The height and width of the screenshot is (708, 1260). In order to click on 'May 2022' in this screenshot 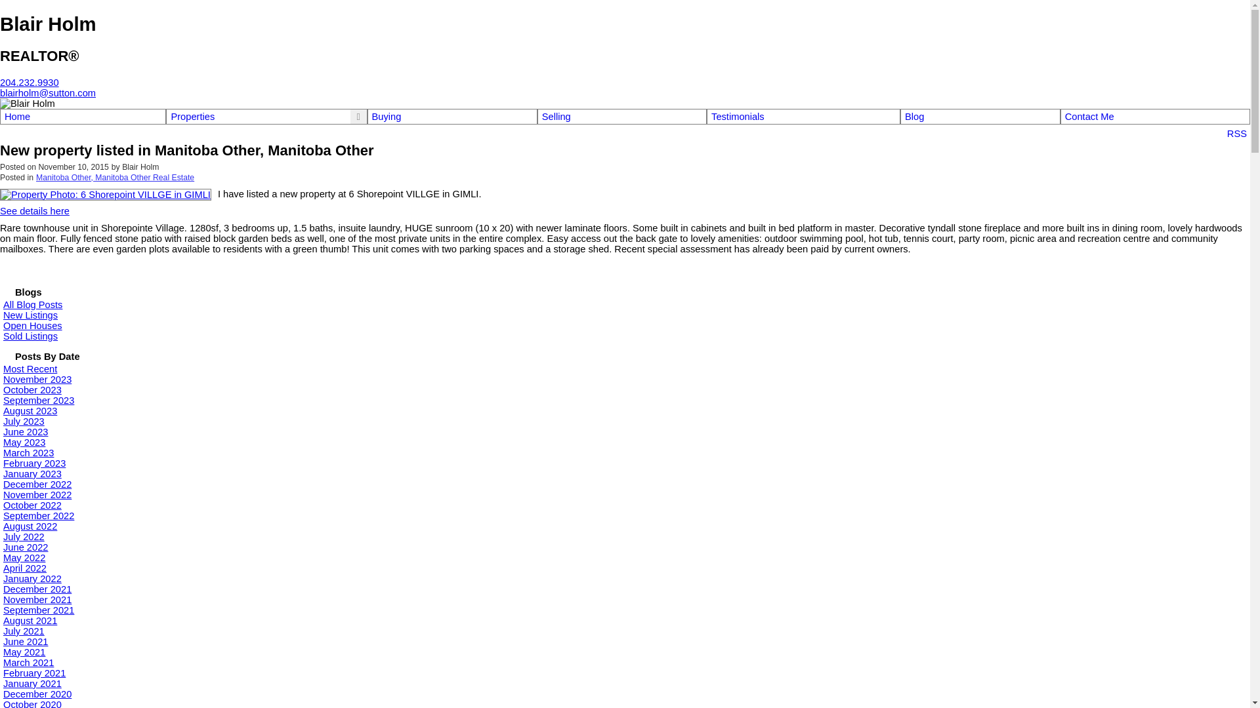, I will do `click(24, 558)`.